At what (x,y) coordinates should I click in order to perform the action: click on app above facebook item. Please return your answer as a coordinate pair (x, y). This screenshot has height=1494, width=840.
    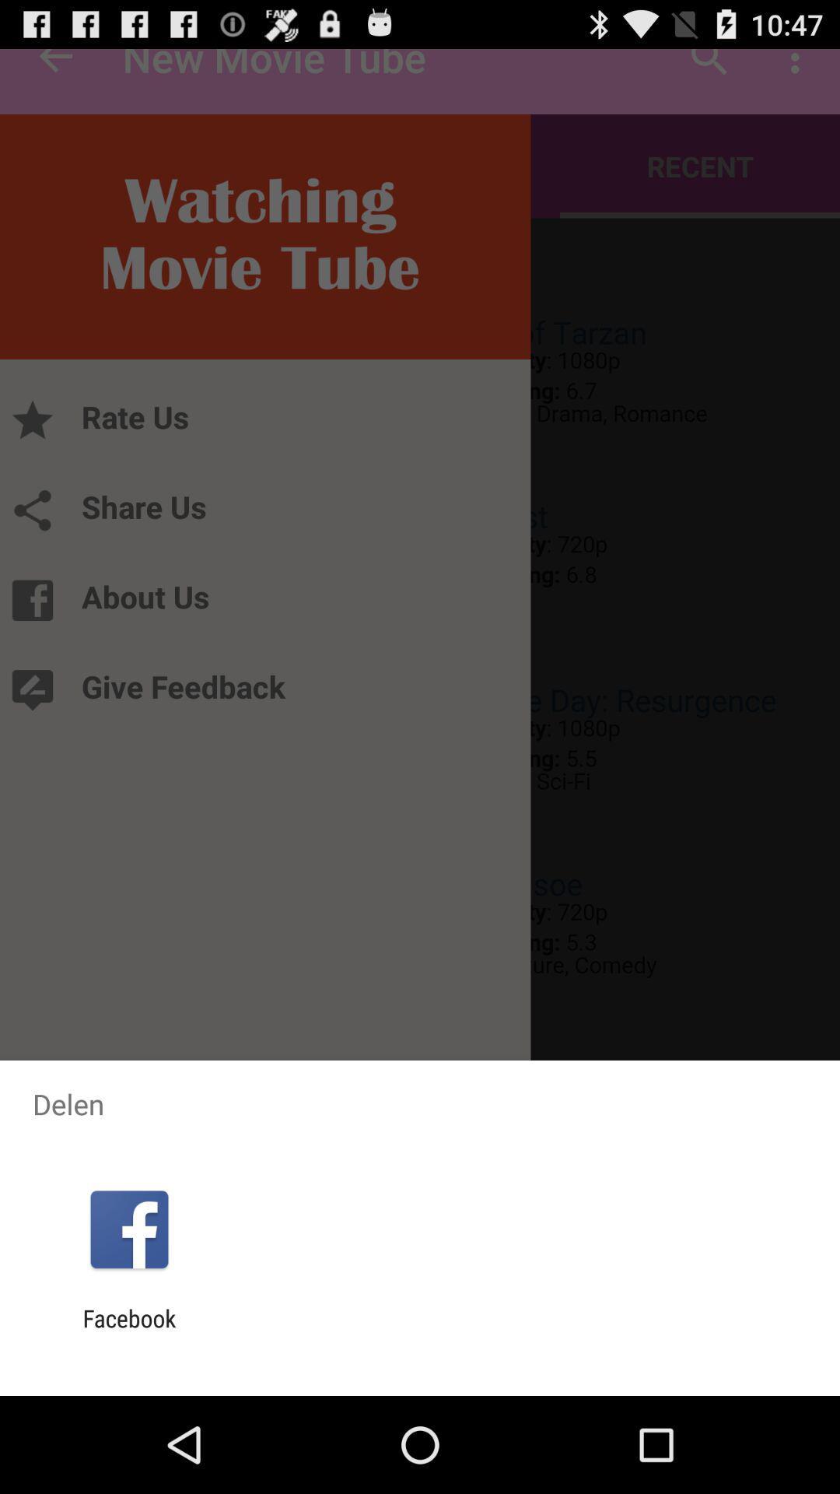
    Looking at the image, I should click on (128, 1229).